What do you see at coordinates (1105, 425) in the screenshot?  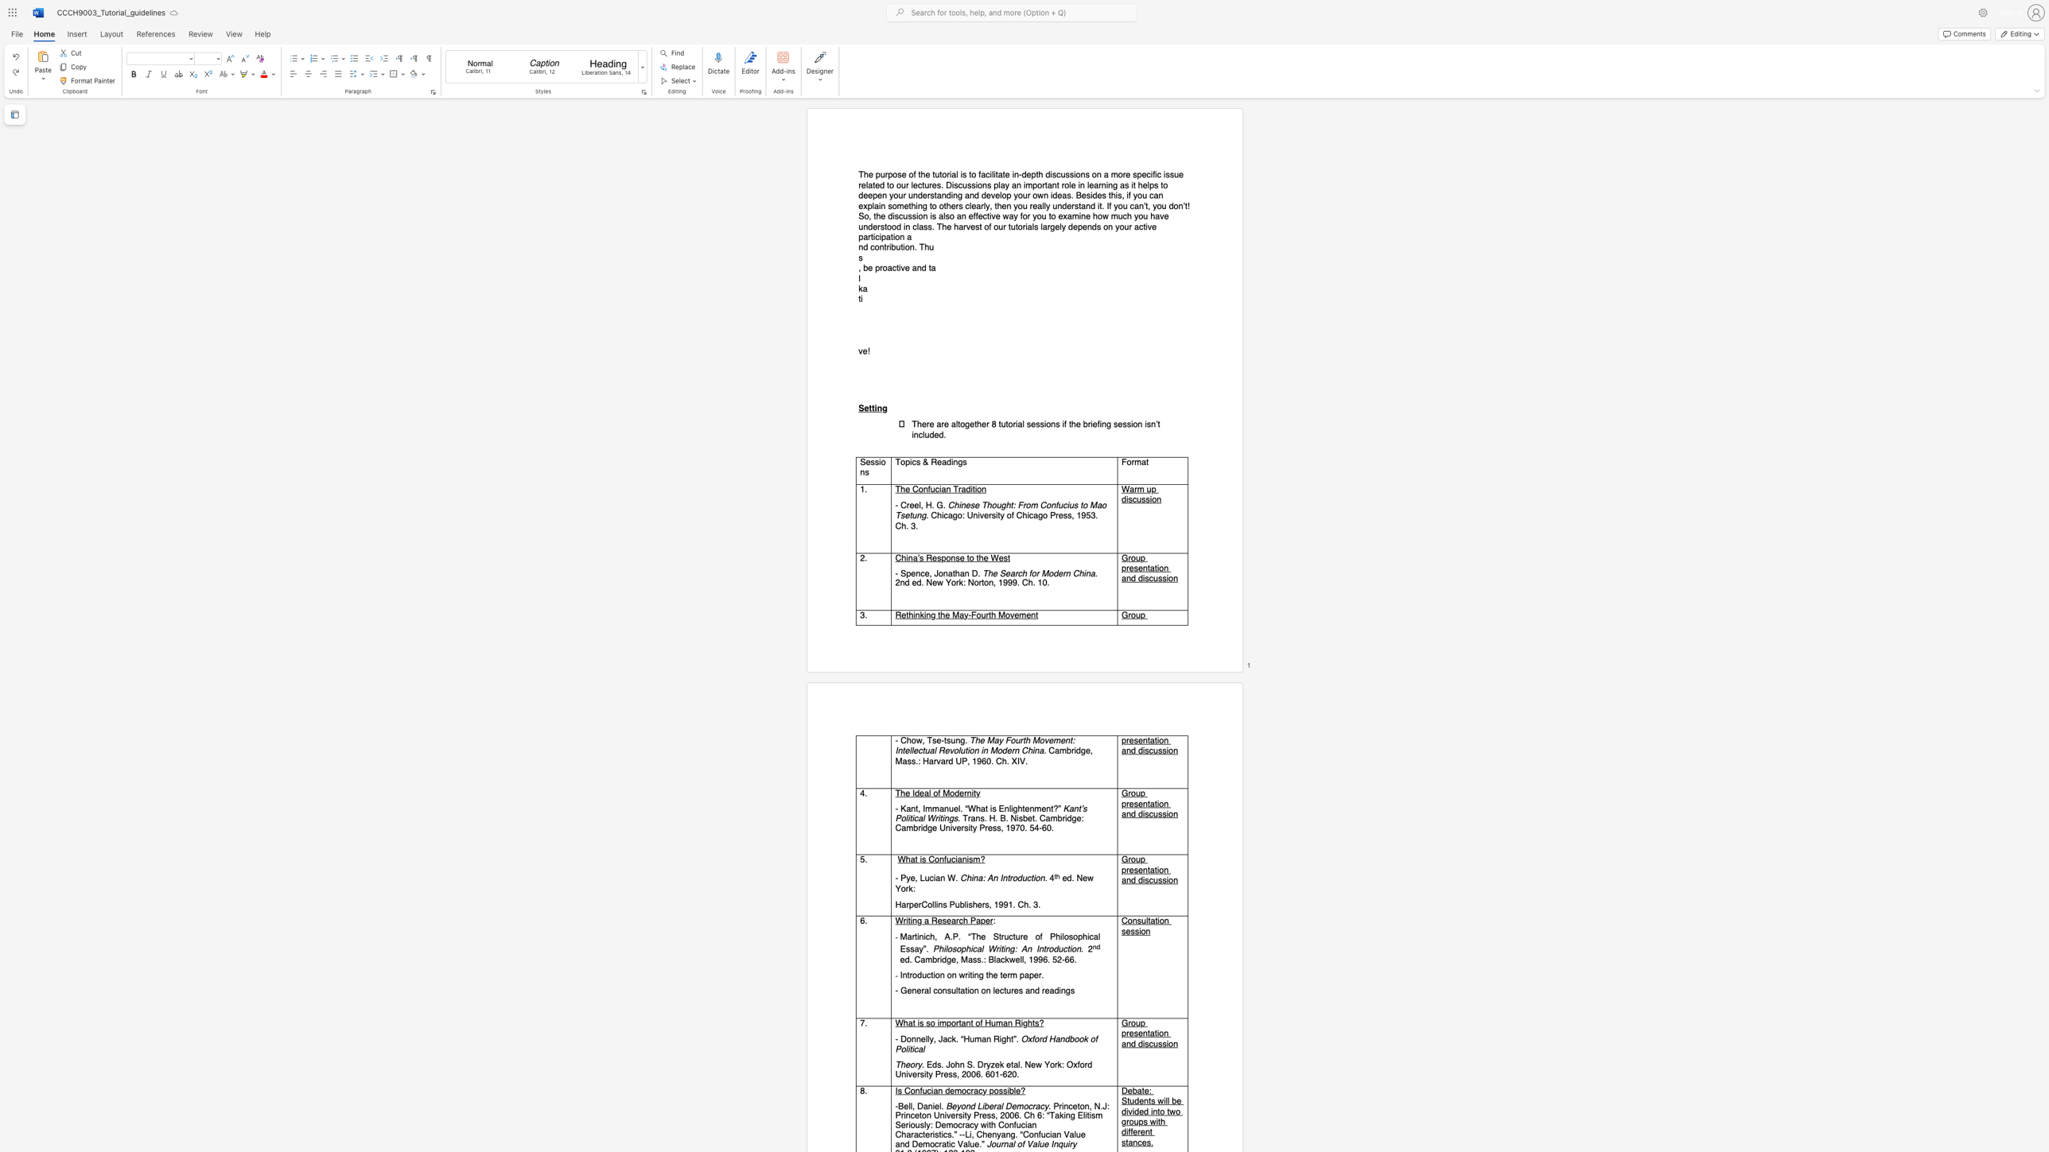 I see `the space between the continuous character "n" and "g" in the text` at bounding box center [1105, 425].